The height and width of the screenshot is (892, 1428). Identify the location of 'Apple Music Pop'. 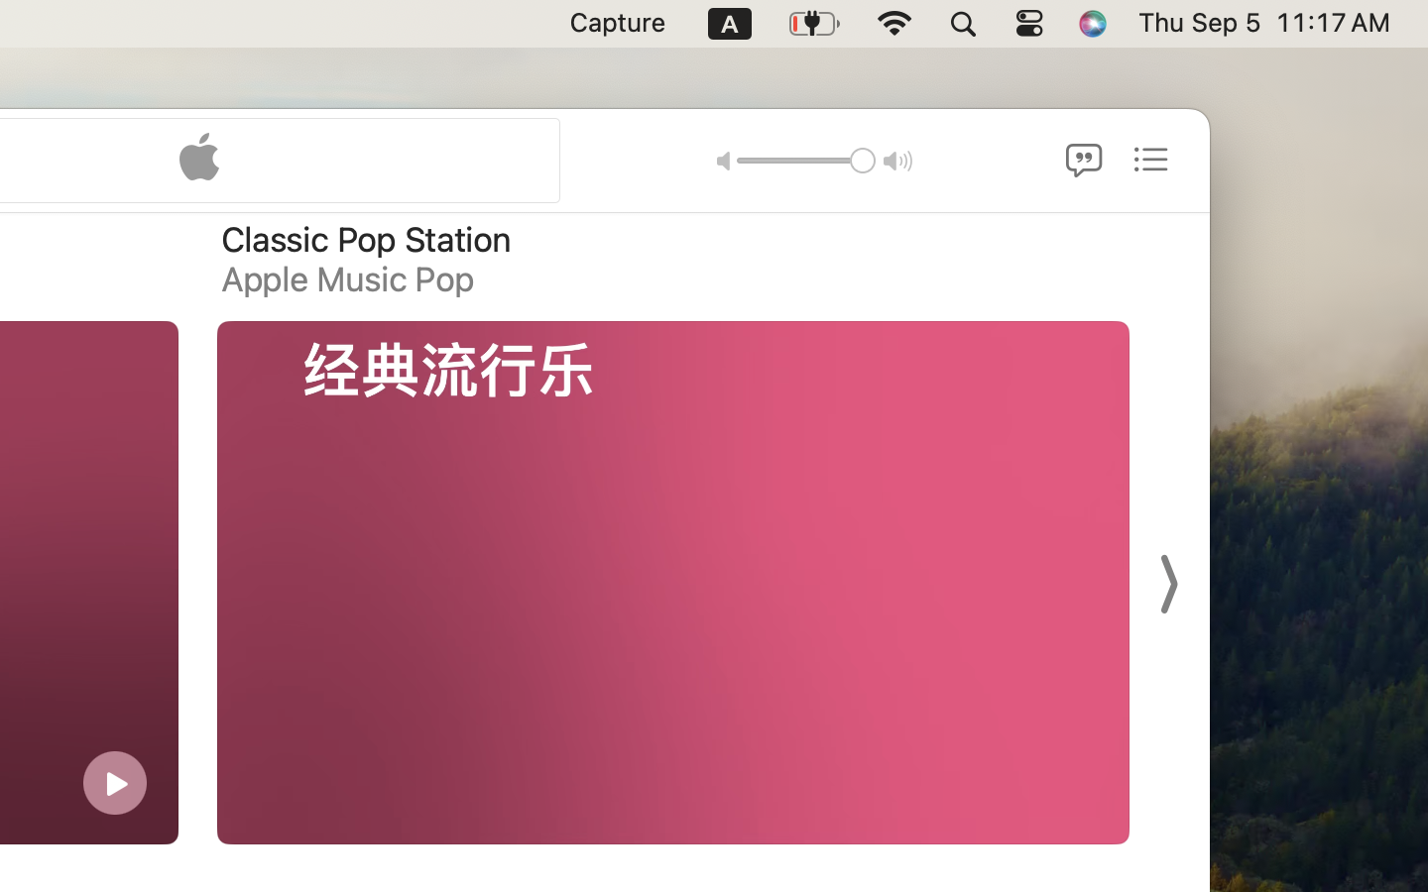
(347, 278).